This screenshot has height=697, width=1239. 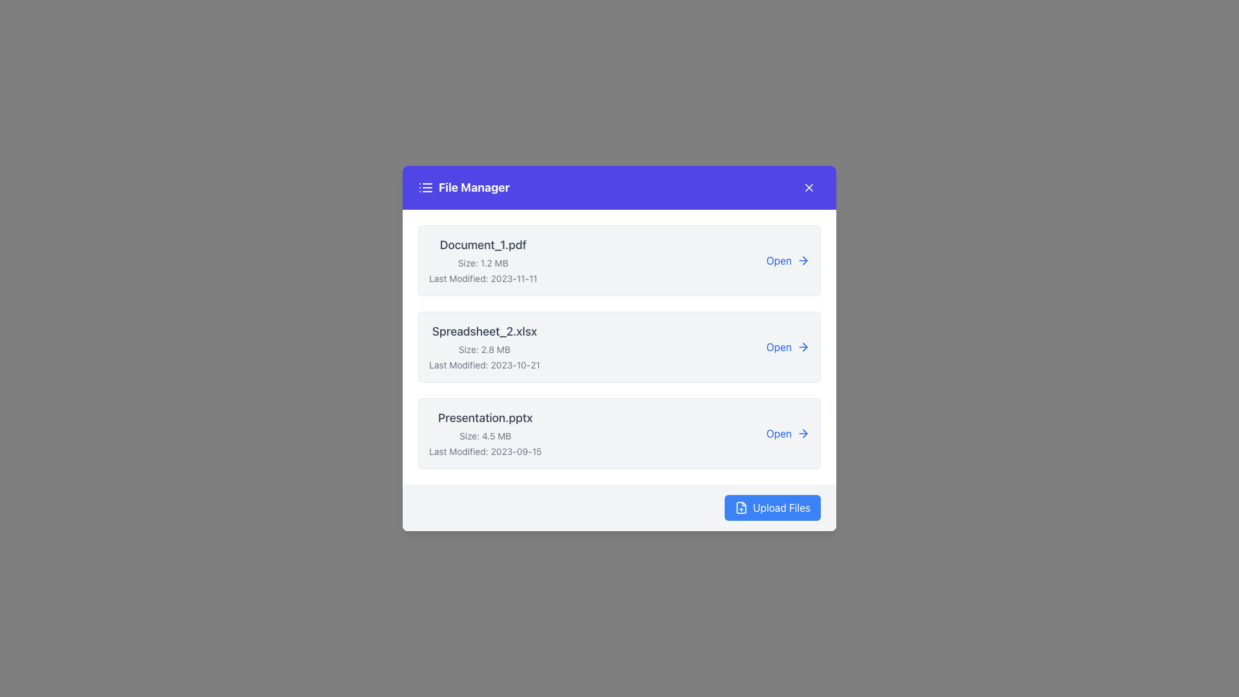 I want to click on the right-facing arrow icon located to the far right of the 'Open' label for the file 'Spreadsheet_2.xlsx', so click(x=805, y=346).